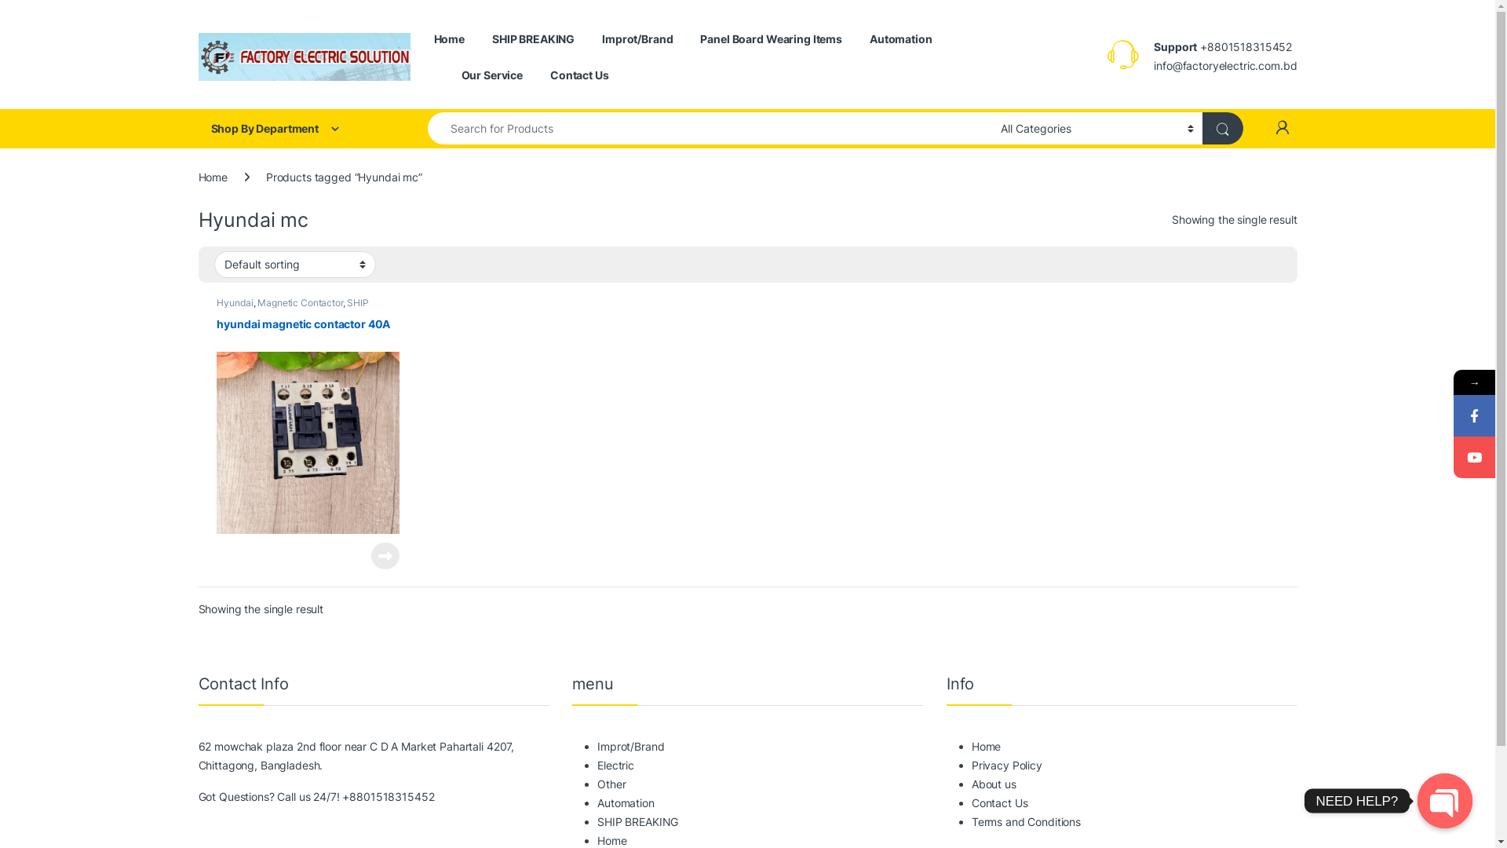  Describe the element at coordinates (533, 38) in the screenshot. I see `'SHIP BREAKING'` at that location.